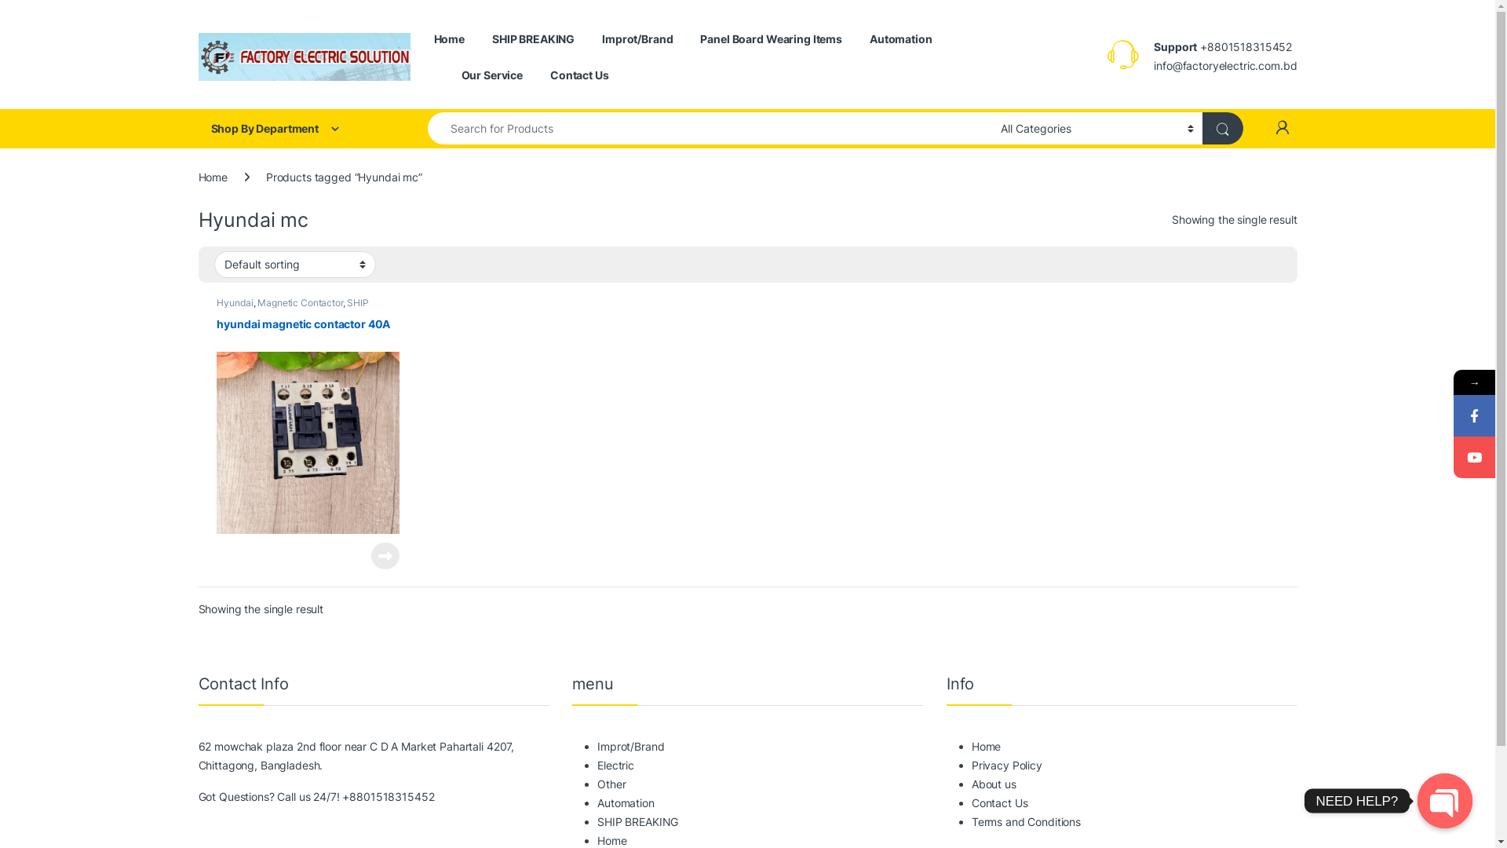  Describe the element at coordinates (533, 38) in the screenshot. I see `'SHIP BREAKING'` at that location.